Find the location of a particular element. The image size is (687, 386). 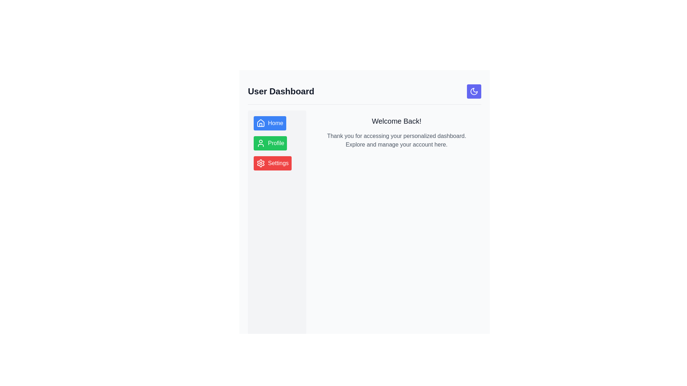

the 'Home' icon located on the left side of the navigation bar is located at coordinates (260, 123).